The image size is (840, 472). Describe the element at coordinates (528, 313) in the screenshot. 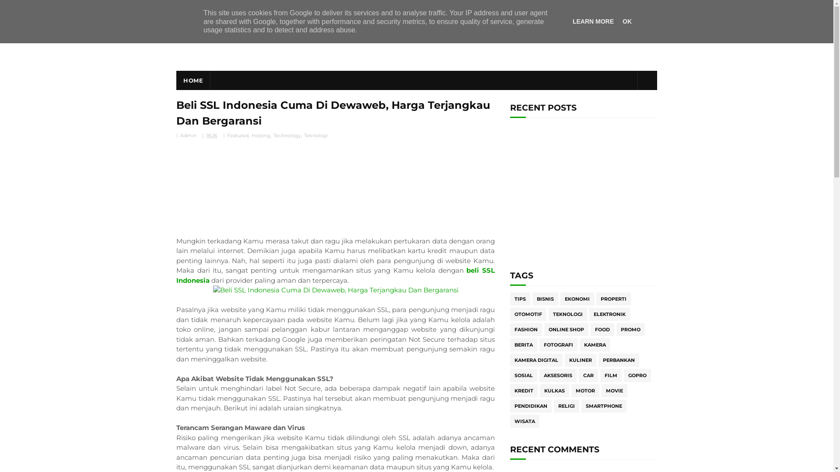

I see `'OTOMOTIF'` at that location.